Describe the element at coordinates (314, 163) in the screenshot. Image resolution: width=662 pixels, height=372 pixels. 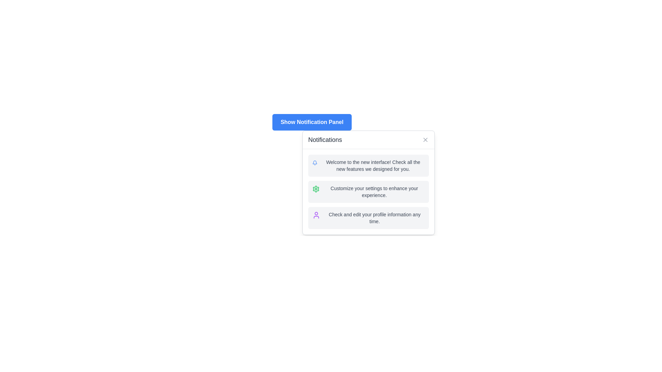
I see `the bell icon located to the left of the text 'Welcome to the new interface! Check all the new features we designed for you.' in the first notification card of the notifications panel` at that location.